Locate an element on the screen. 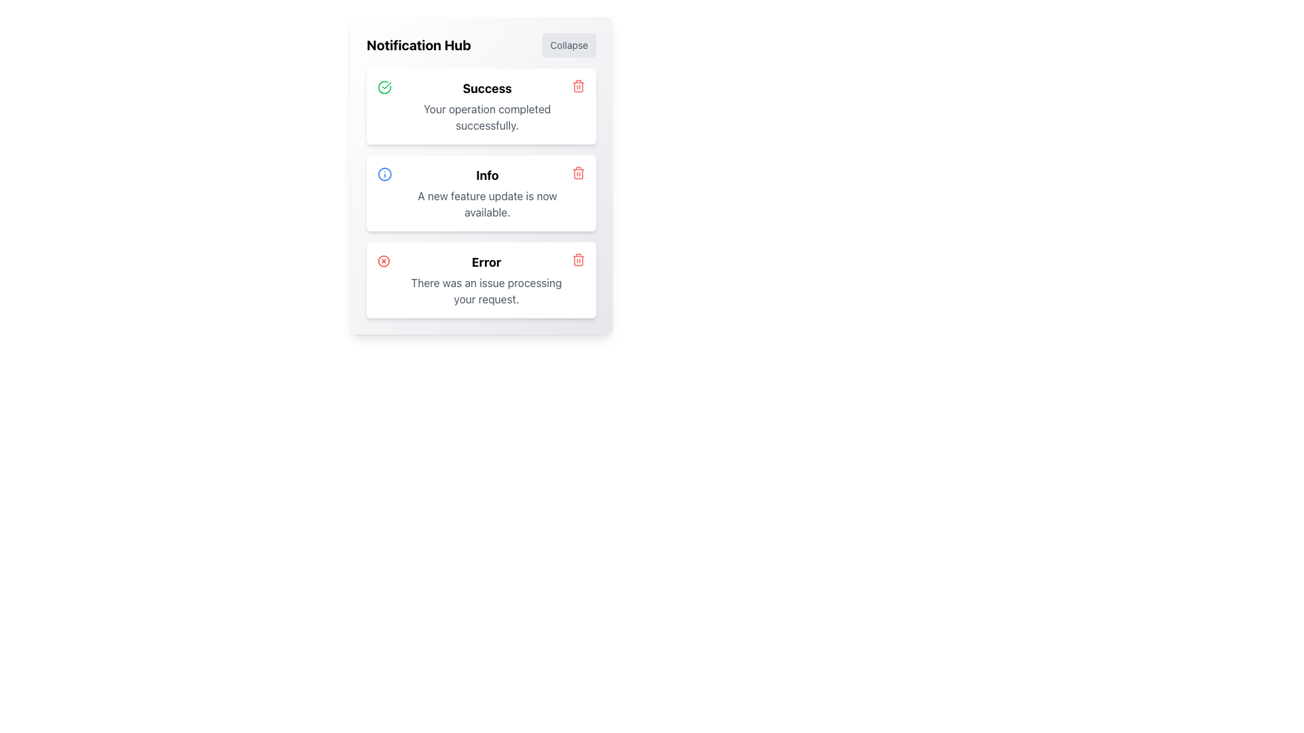 This screenshot has width=1304, height=733. the bold, large-sized 'Success' text label at the top of the Notification Hub is located at coordinates (487, 89).